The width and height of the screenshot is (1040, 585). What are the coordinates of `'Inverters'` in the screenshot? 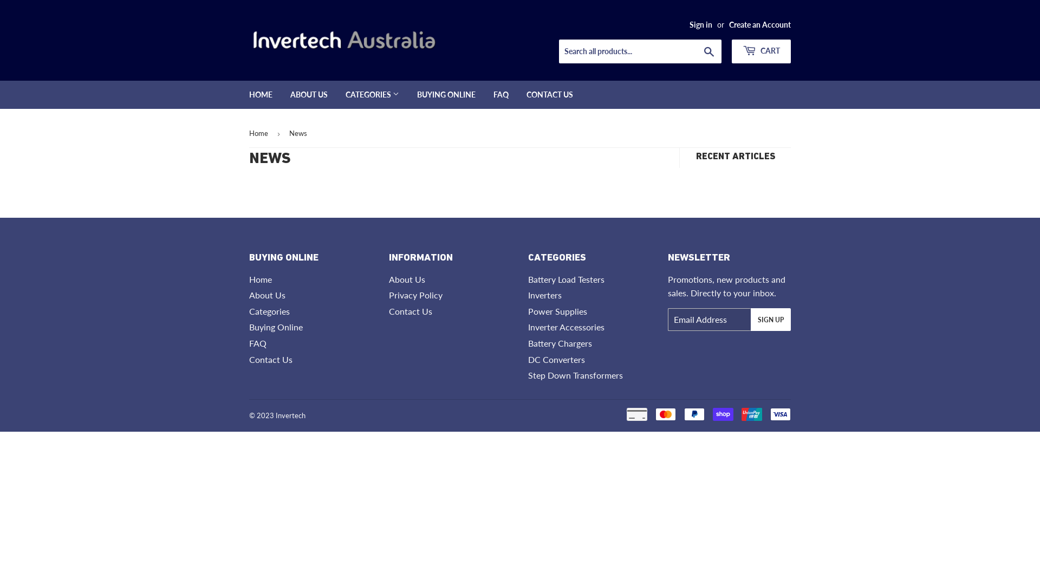 It's located at (545, 295).